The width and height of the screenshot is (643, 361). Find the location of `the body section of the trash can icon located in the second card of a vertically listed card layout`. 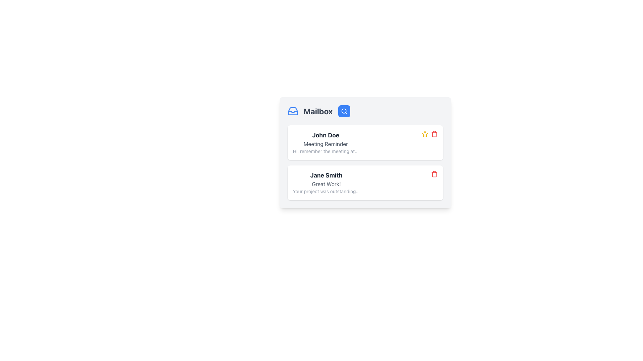

the body section of the trash can icon located in the second card of a vertically listed card layout is located at coordinates (434, 174).